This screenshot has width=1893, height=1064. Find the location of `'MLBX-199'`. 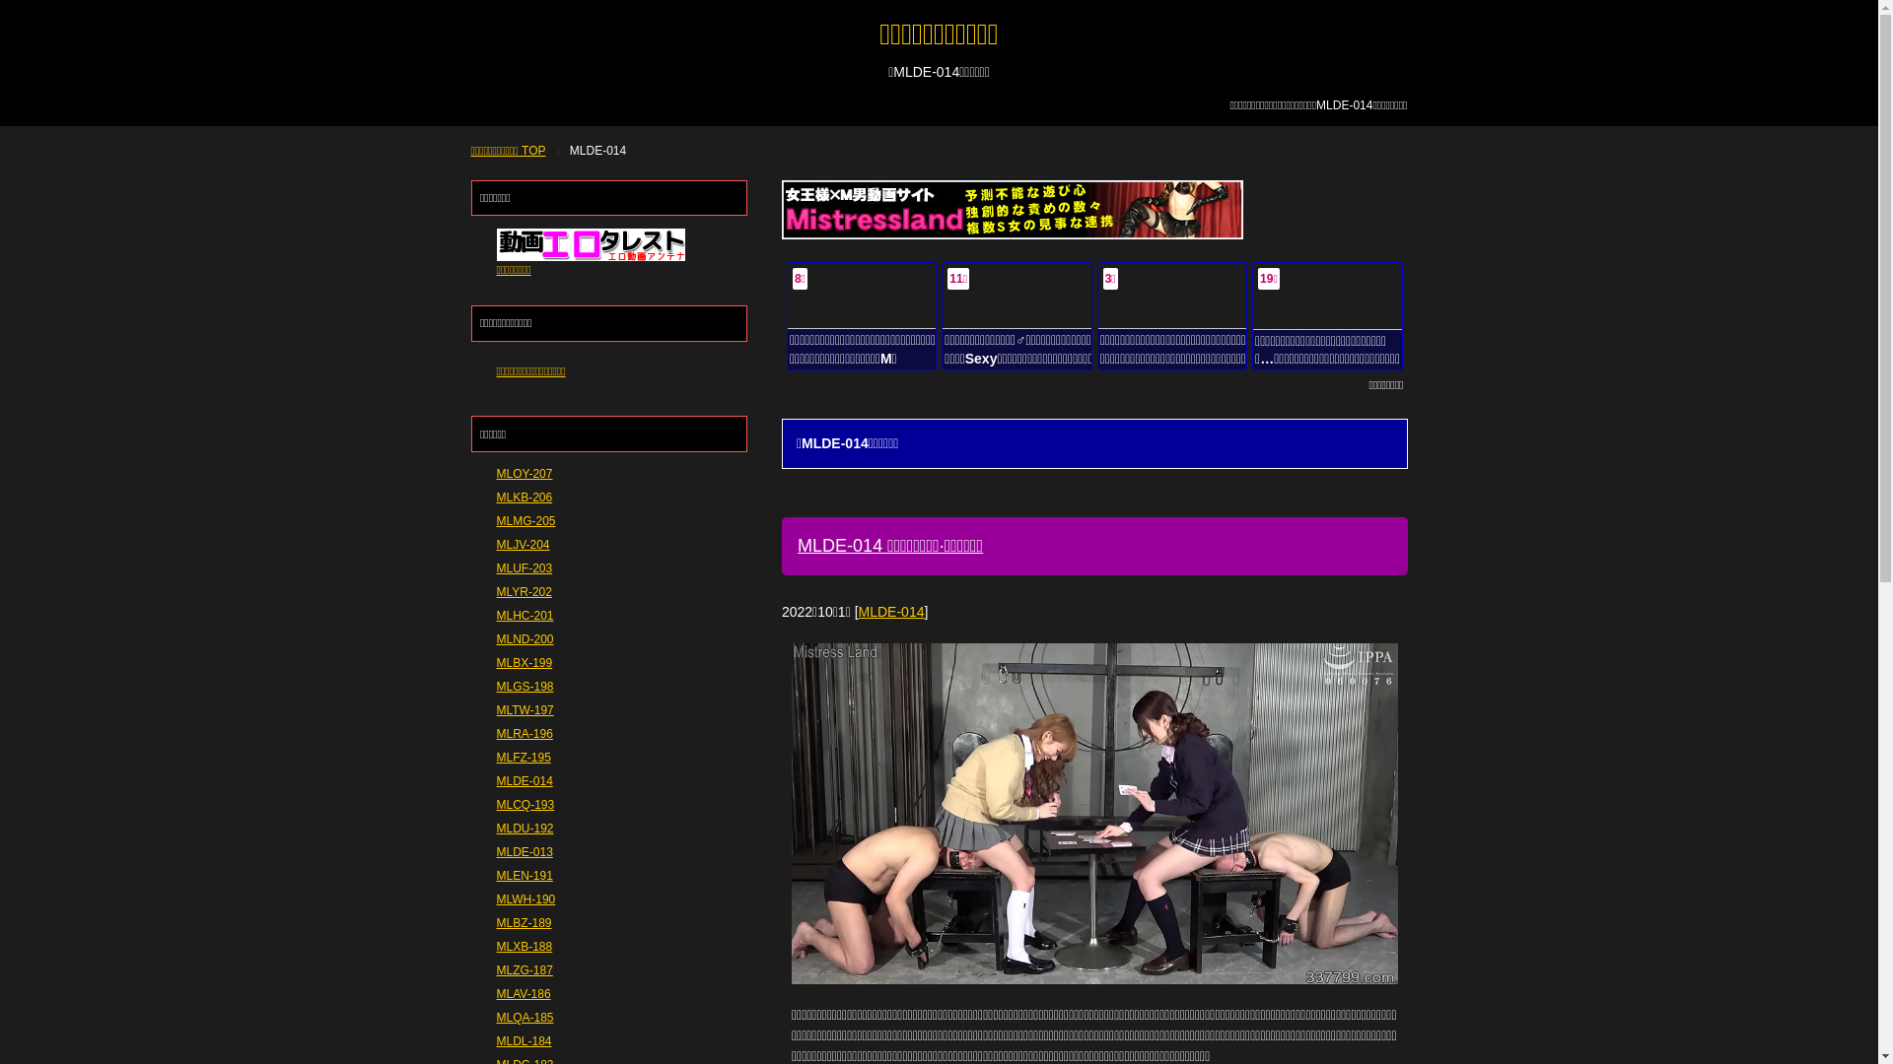

'MLBX-199' is located at coordinates (525, 662).